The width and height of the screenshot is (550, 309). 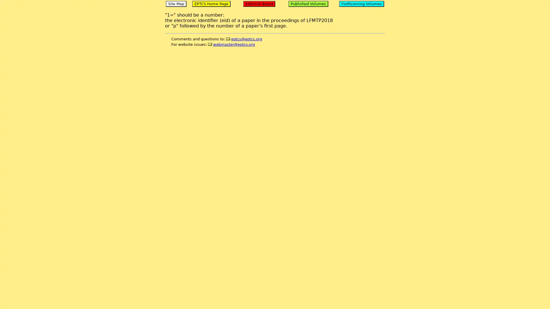 What do you see at coordinates (259, 4) in the screenshot?
I see `Editorial Board` at bounding box center [259, 4].